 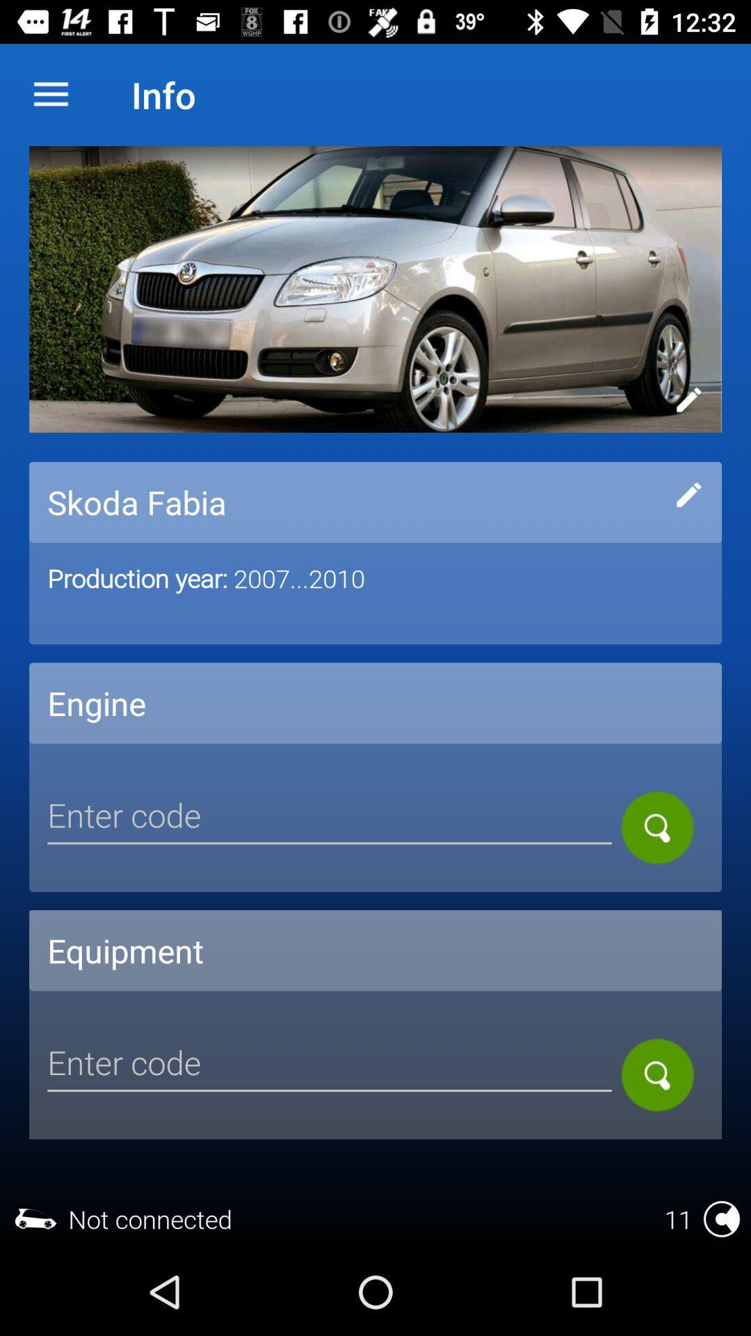 I want to click on input details, so click(x=688, y=494).